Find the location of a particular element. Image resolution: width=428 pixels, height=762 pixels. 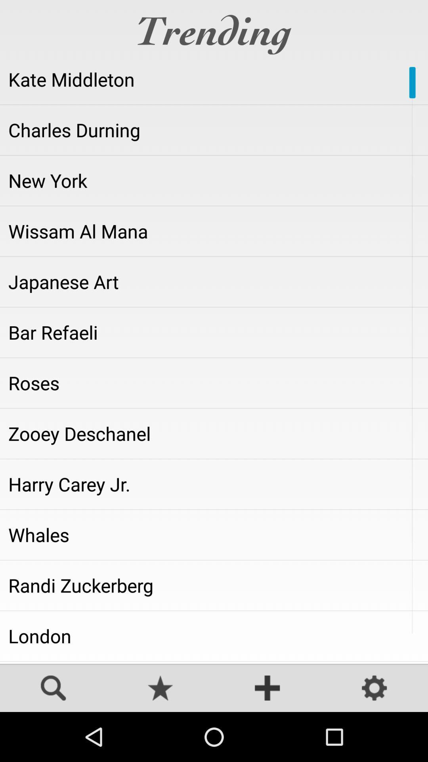

favorites is located at coordinates (160, 689).